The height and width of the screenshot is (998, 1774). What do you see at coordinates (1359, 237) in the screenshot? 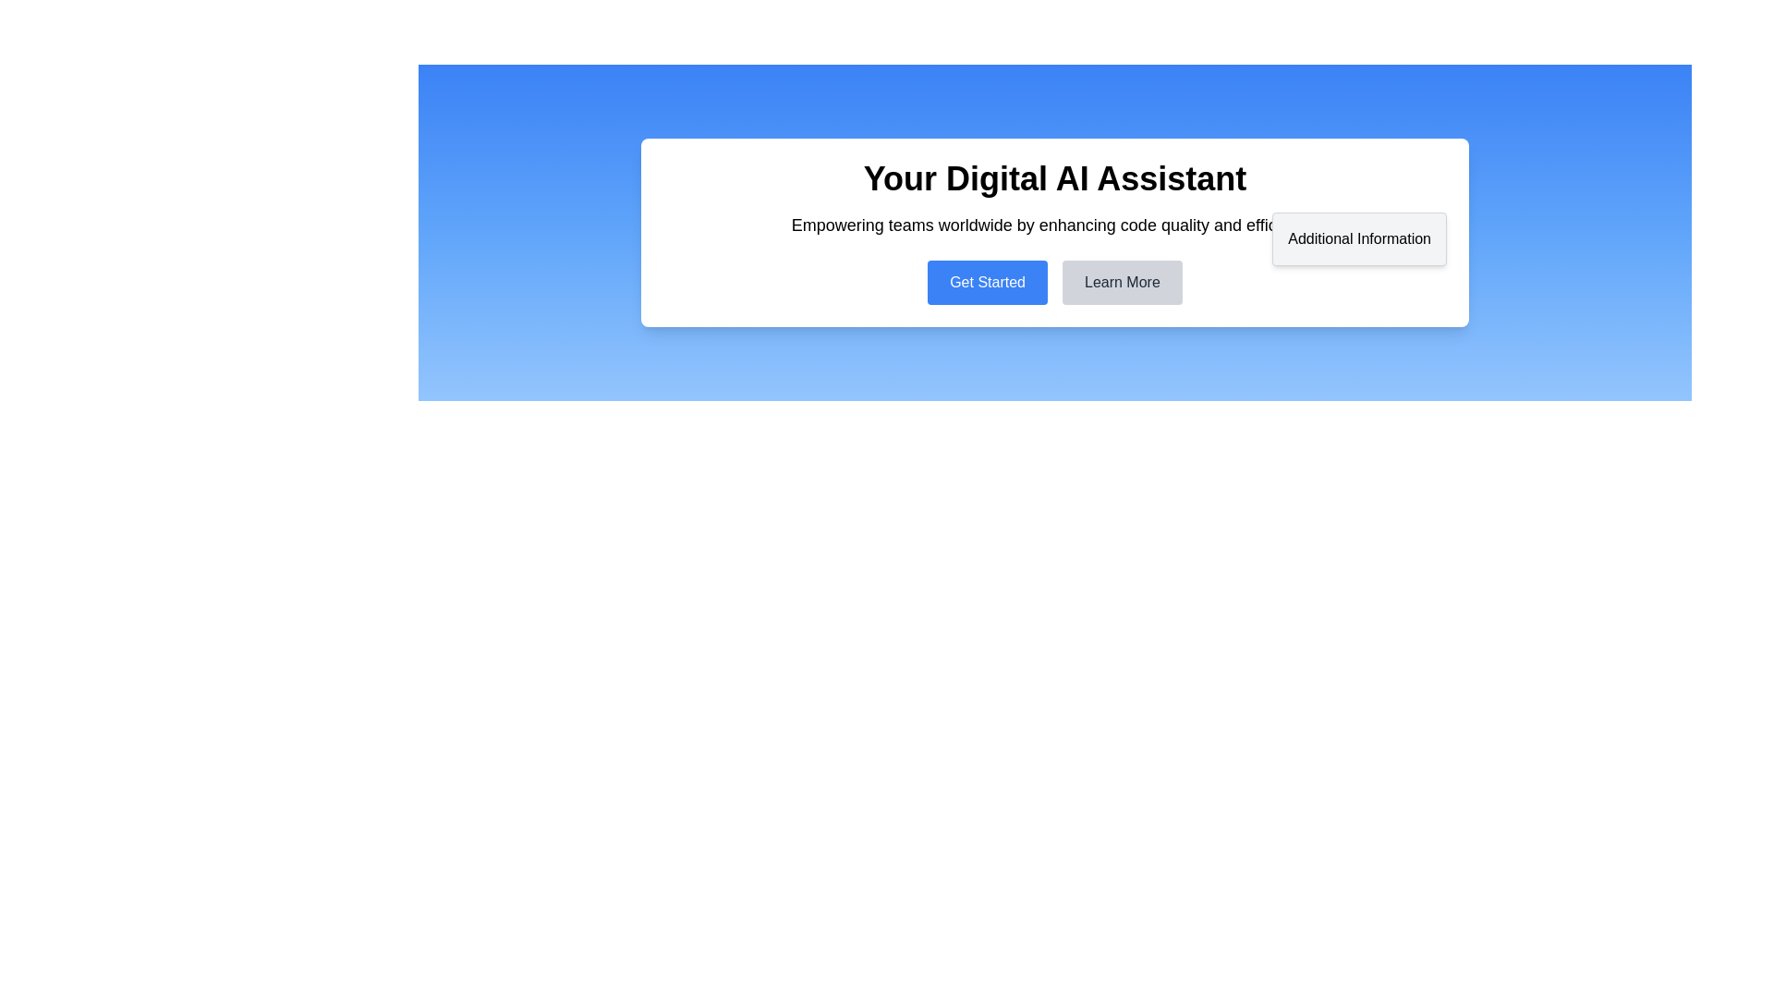
I see `the Informative box with a light gray background and the text 'Additional Information'` at bounding box center [1359, 237].